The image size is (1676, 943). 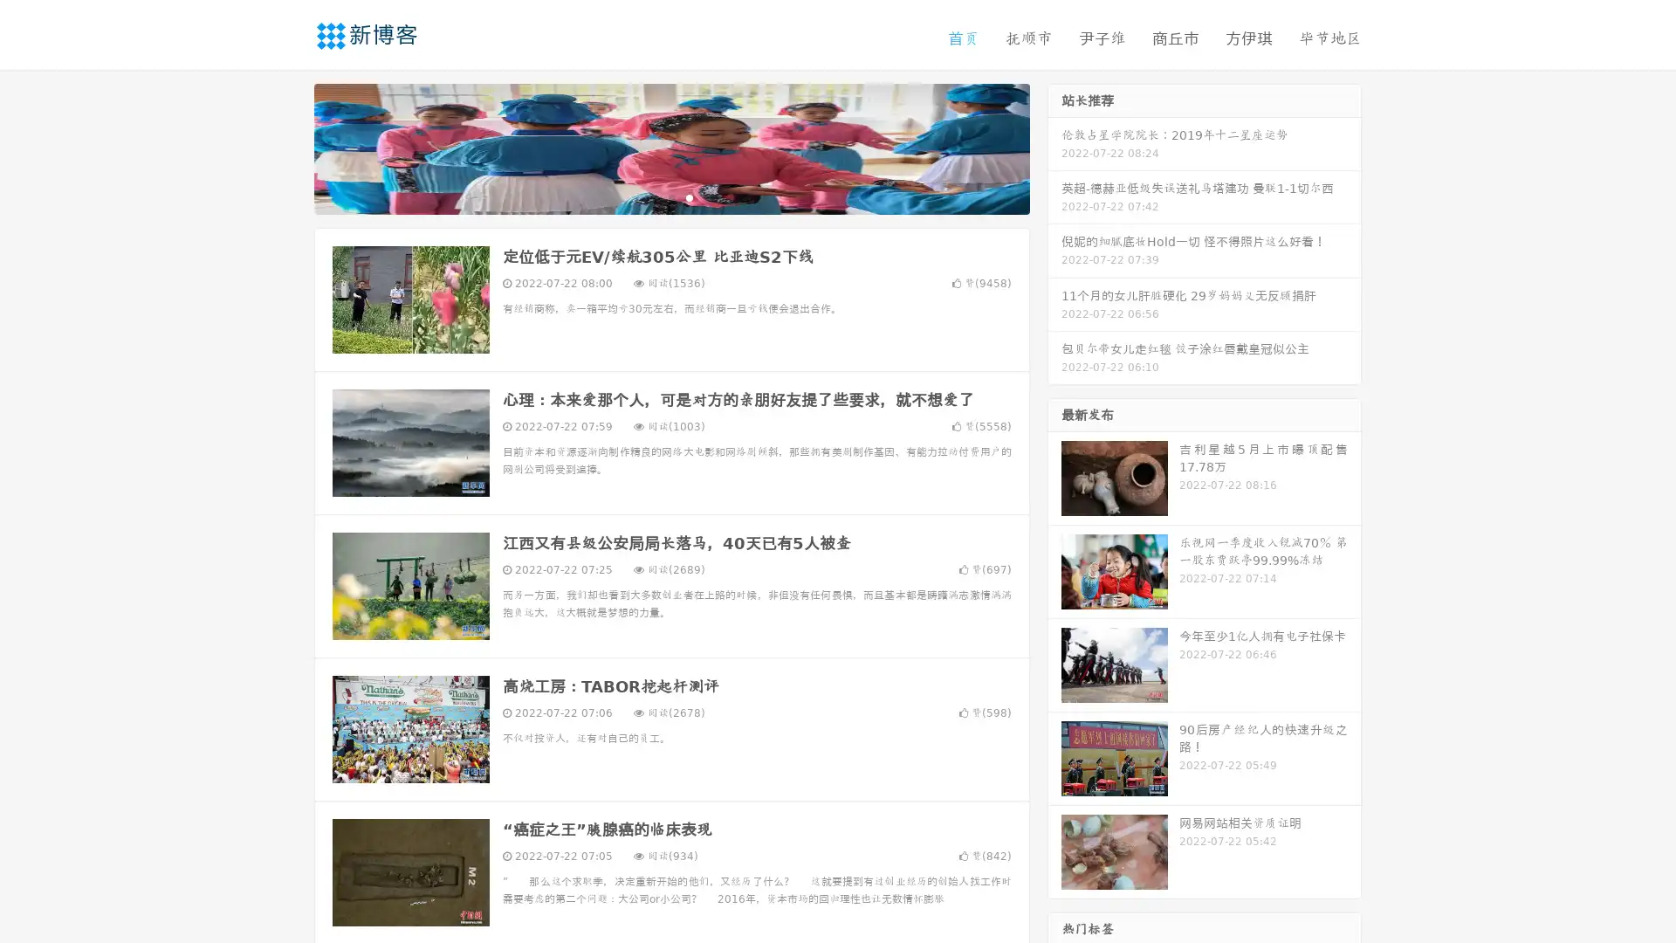 What do you see at coordinates (653, 196) in the screenshot?
I see `Go to slide 1` at bounding box center [653, 196].